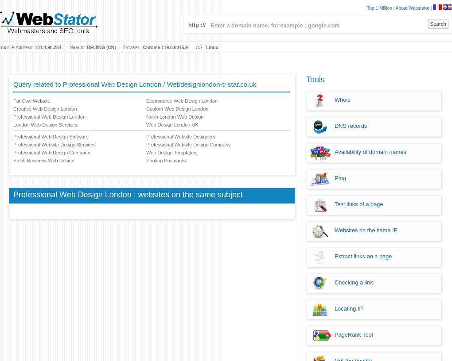 The height and width of the screenshot is (361, 452). What do you see at coordinates (74, 47) in the screenshot?
I see `'Near'` at bounding box center [74, 47].